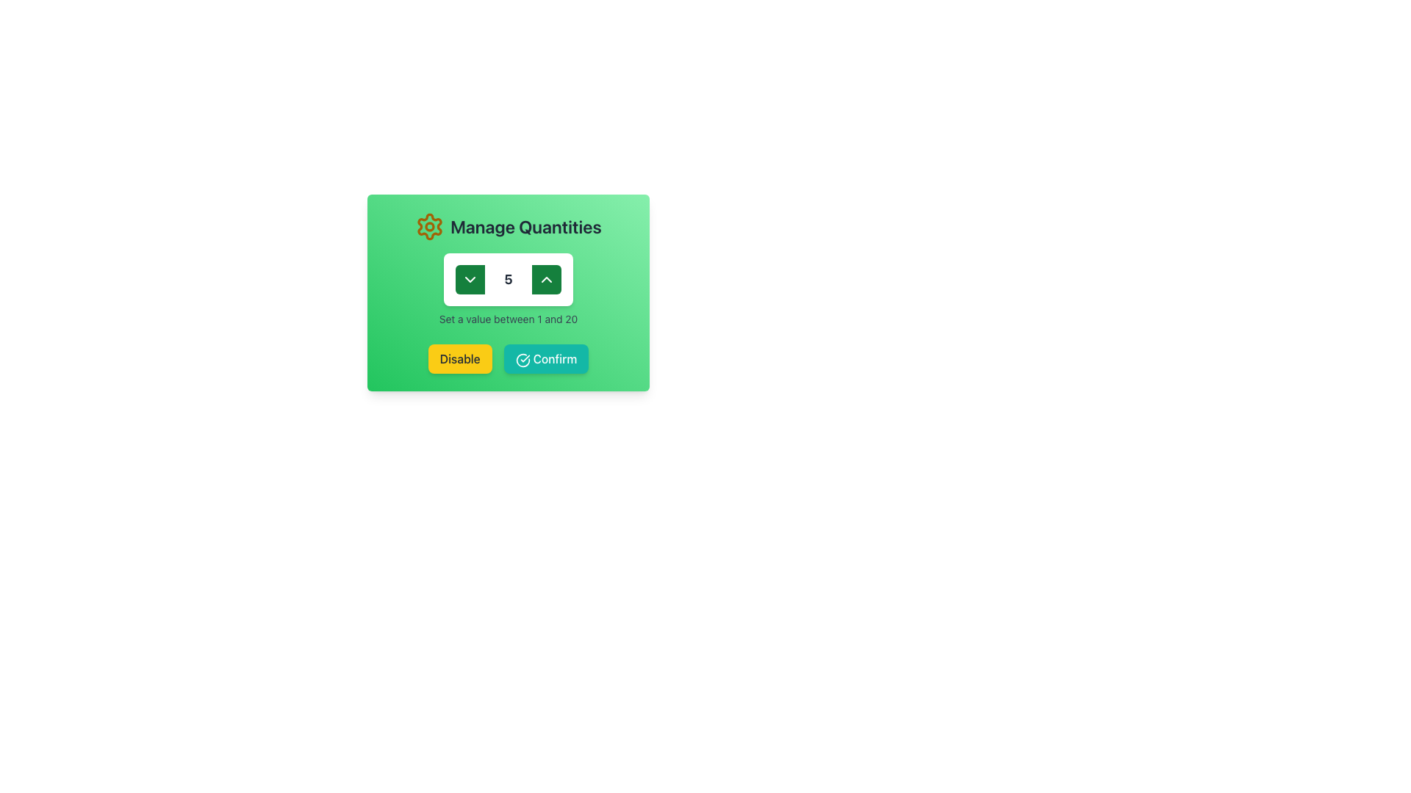 The height and width of the screenshot is (793, 1411). Describe the element at coordinates (429, 226) in the screenshot. I see `the yellow cogwheel icon located to the left of the text 'Manage Quantities' at the top of the frame` at that location.